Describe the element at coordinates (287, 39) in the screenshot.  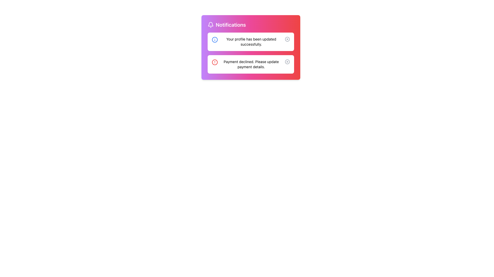
I see `the circular close button with a cross (X) mark in the center` at that location.